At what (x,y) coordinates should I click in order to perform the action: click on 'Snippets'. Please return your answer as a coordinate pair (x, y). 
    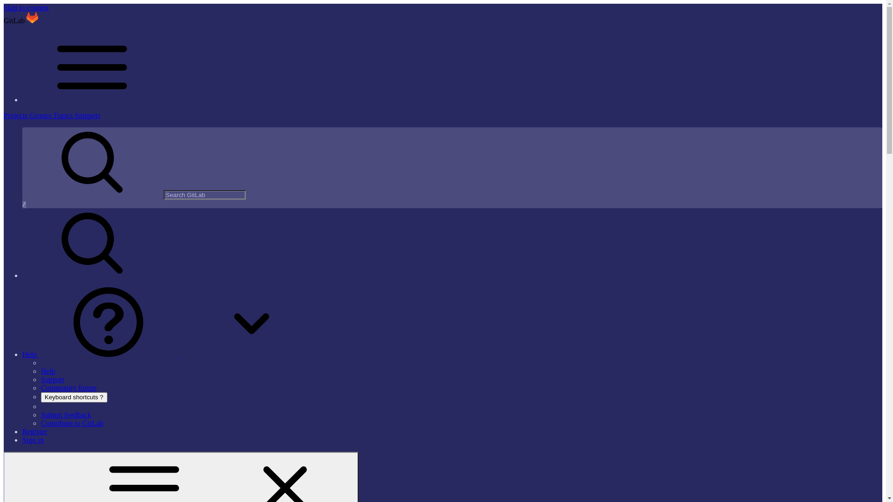
    Looking at the image, I should click on (87, 115).